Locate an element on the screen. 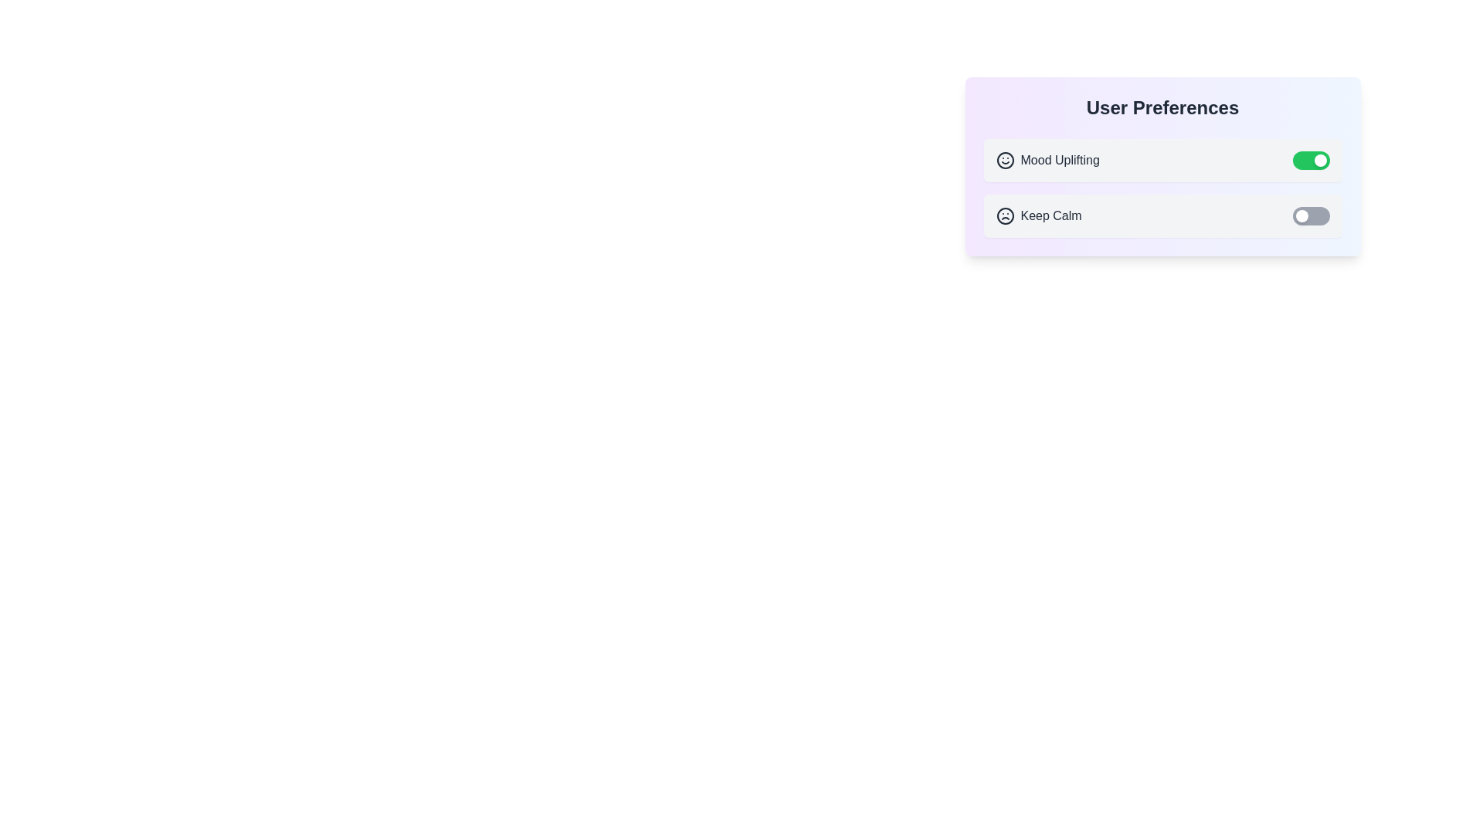  the label text with an icon that indicates the toggle switch option under 'User Preferences' is located at coordinates (1039, 216).